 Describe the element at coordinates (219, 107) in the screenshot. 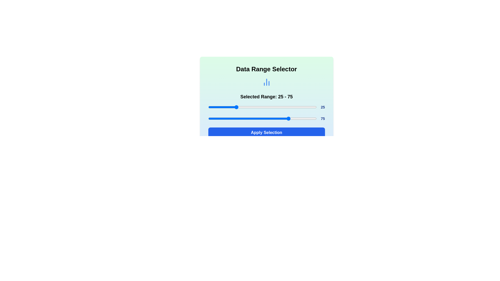

I see `the slider to set its value to 10` at that location.